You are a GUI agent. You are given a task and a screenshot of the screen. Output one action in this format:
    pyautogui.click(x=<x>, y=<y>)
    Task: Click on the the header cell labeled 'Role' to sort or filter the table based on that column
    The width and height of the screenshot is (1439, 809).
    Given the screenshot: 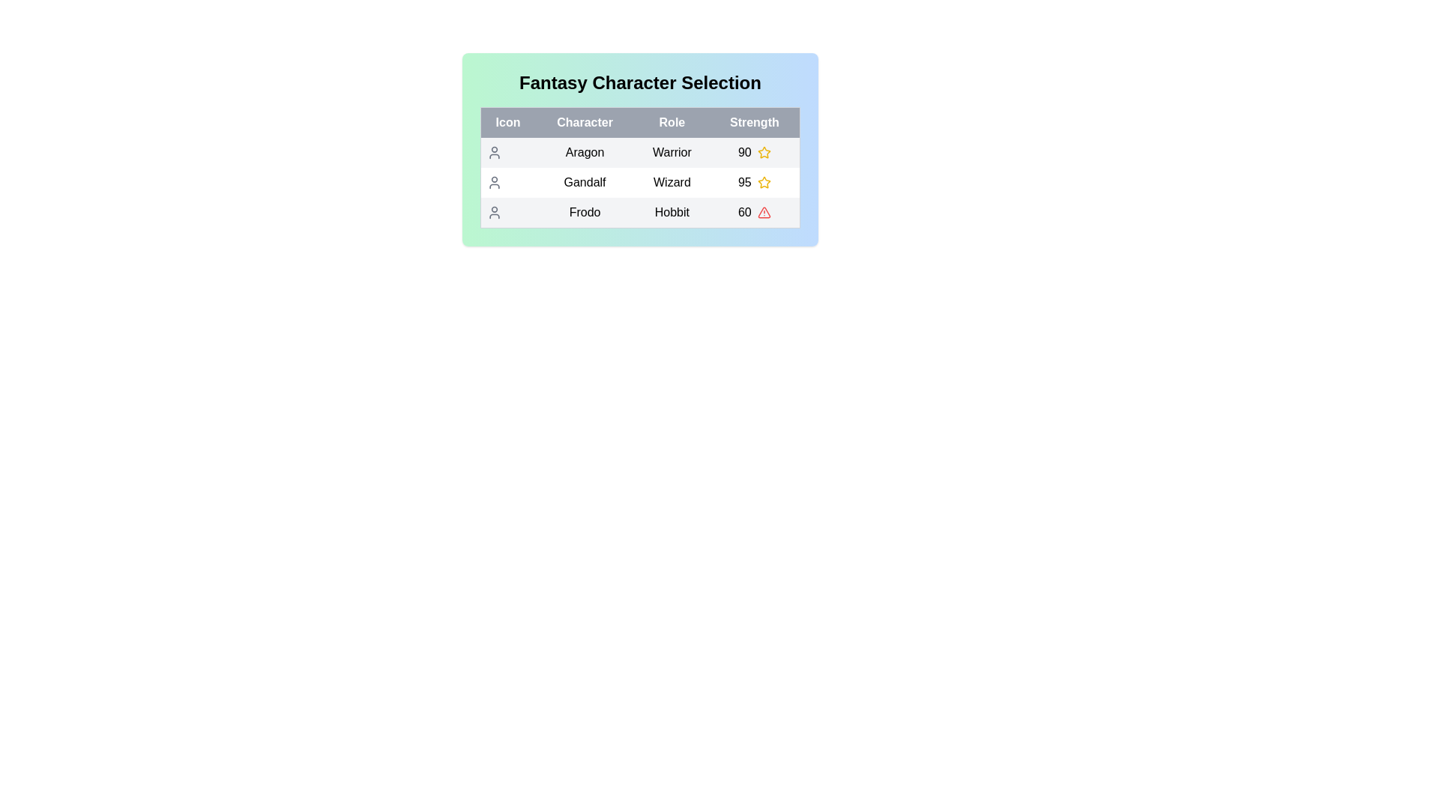 What is the action you would take?
    pyautogui.click(x=672, y=122)
    